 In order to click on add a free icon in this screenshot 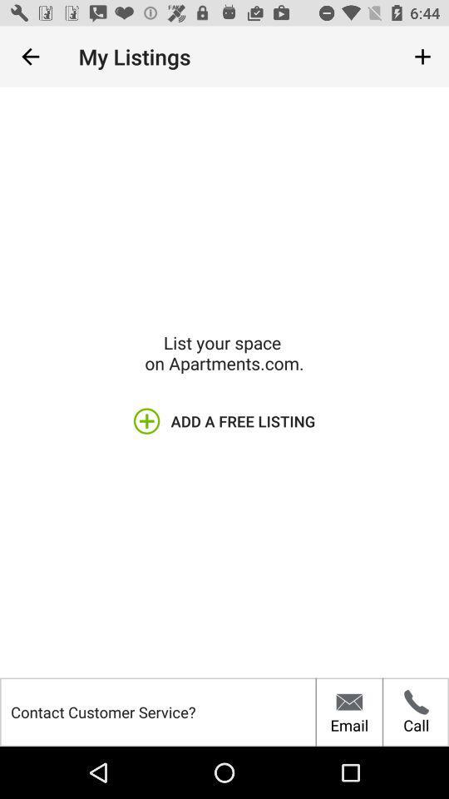, I will do `click(224, 420)`.